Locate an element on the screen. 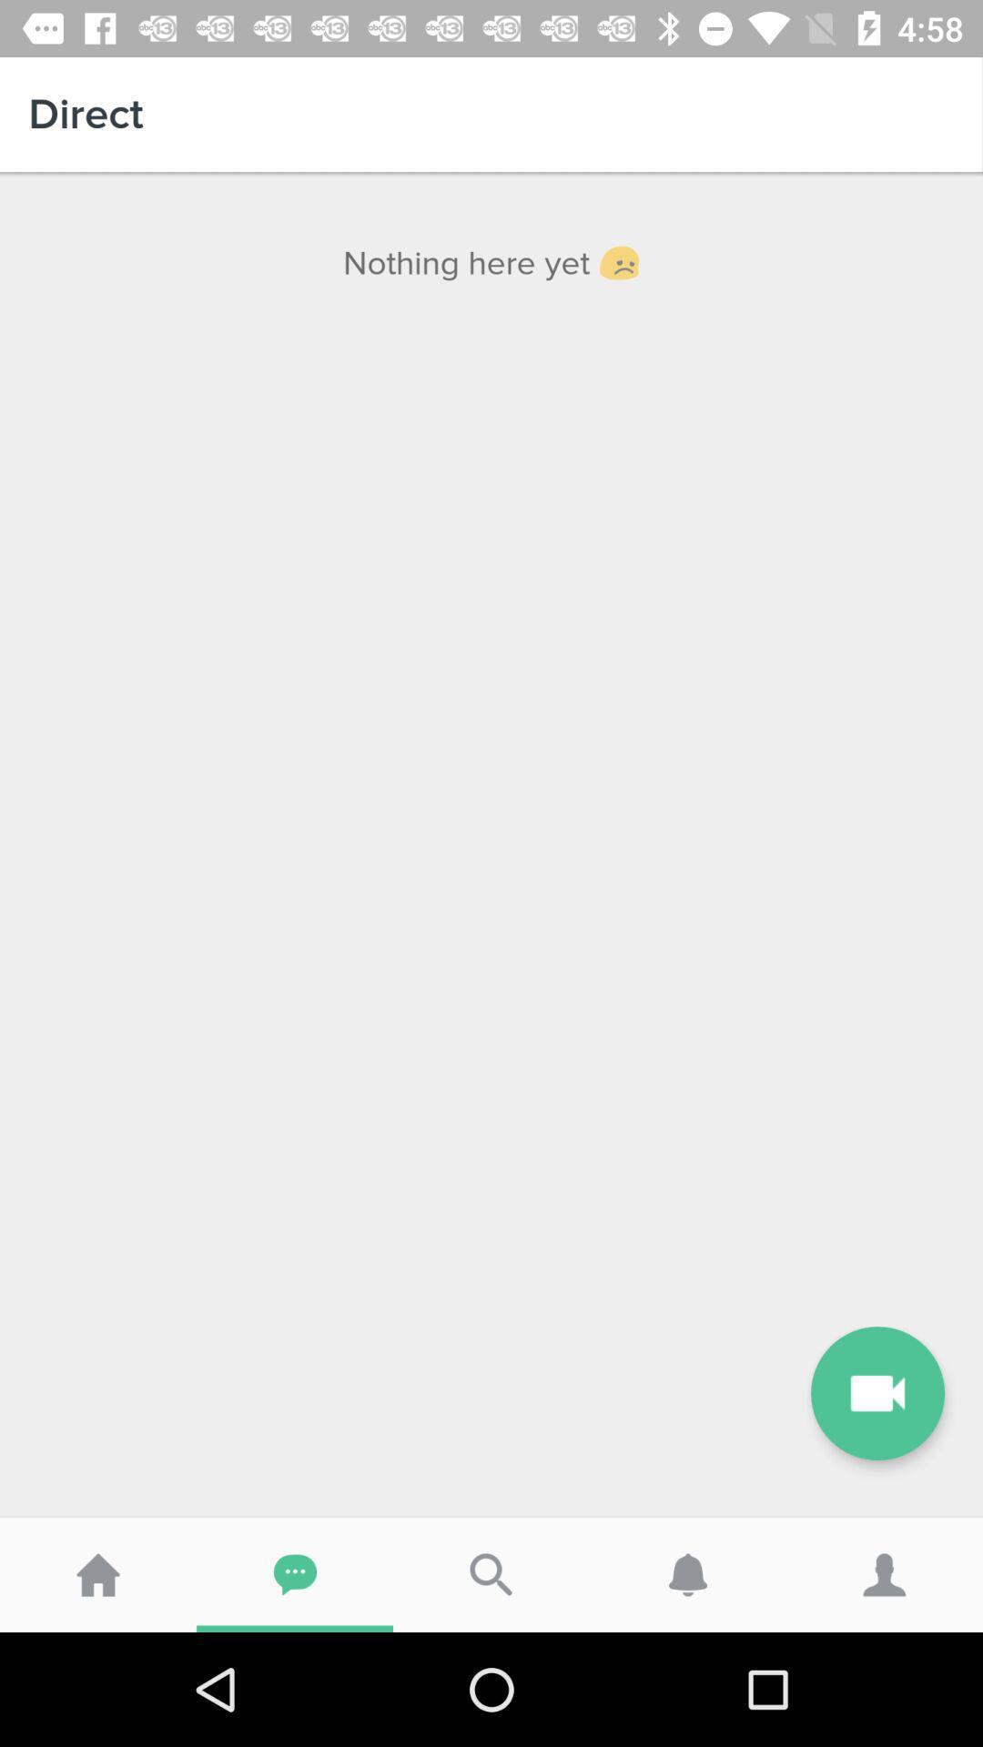  direct item is located at coordinates (491, 113).